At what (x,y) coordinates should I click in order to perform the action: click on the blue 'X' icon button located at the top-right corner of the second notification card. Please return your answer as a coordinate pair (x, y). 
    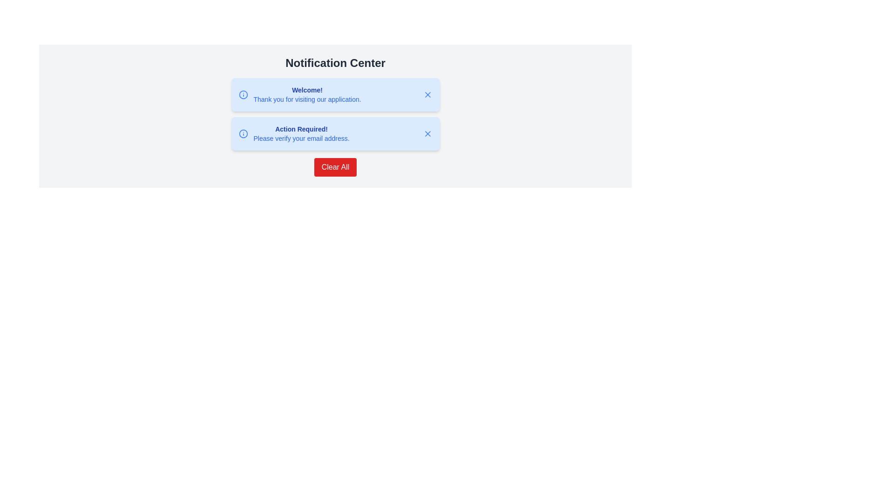
    Looking at the image, I should click on (427, 134).